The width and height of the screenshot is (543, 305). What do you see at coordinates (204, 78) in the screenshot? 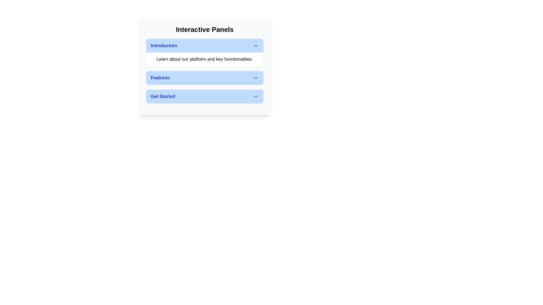
I see `the toggle button located between 'Introduction' and 'Get Started'` at bounding box center [204, 78].